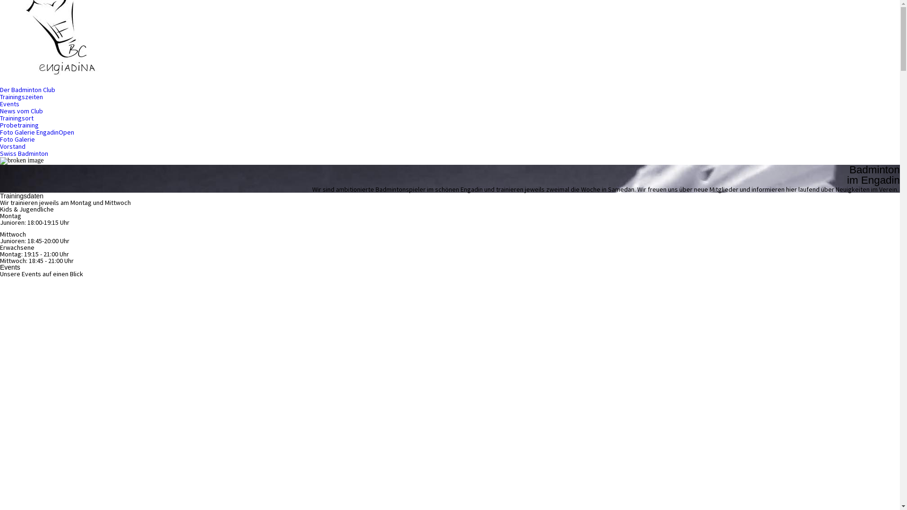 The image size is (907, 510). What do you see at coordinates (37, 132) in the screenshot?
I see `'Foto Galerie EngadinOpen'` at bounding box center [37, 132].